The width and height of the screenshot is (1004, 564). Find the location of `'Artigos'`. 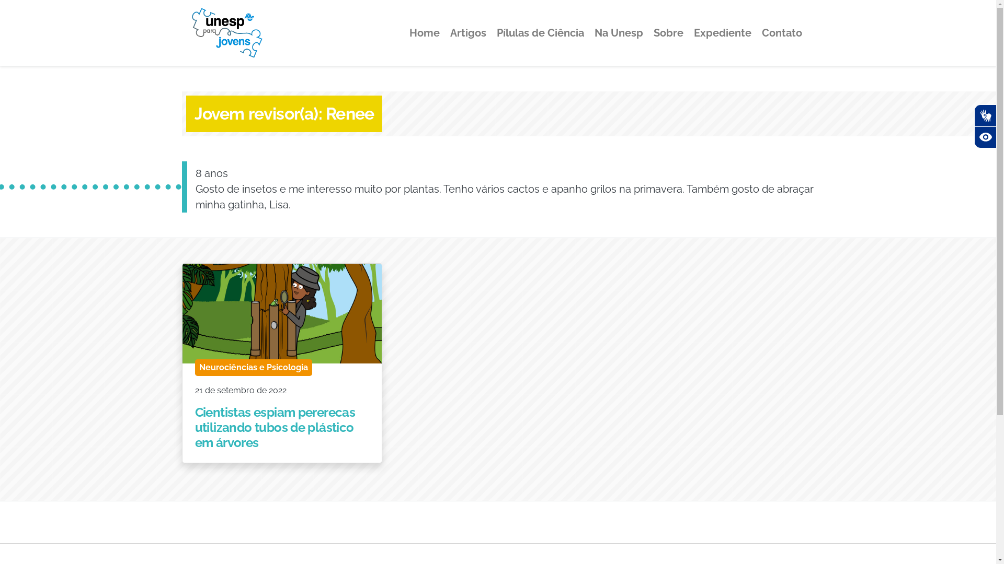

'Artigos' is located at coordinates (467, 32).